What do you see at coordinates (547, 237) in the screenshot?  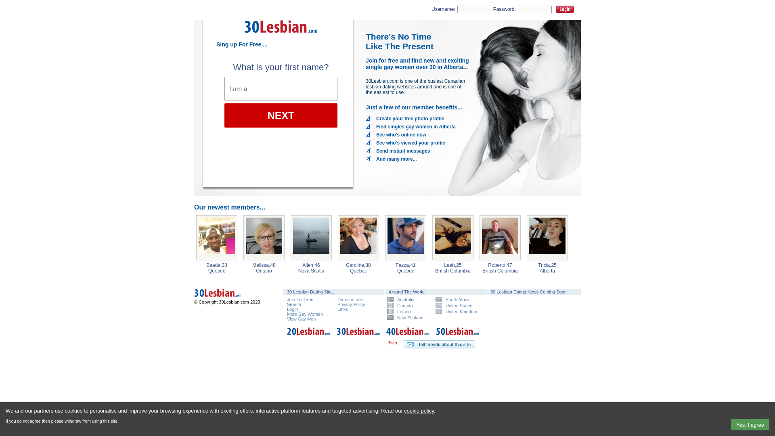 I see `'Tricia, 25 from Calgary, Alberta'` at bounding box center [547, 237].